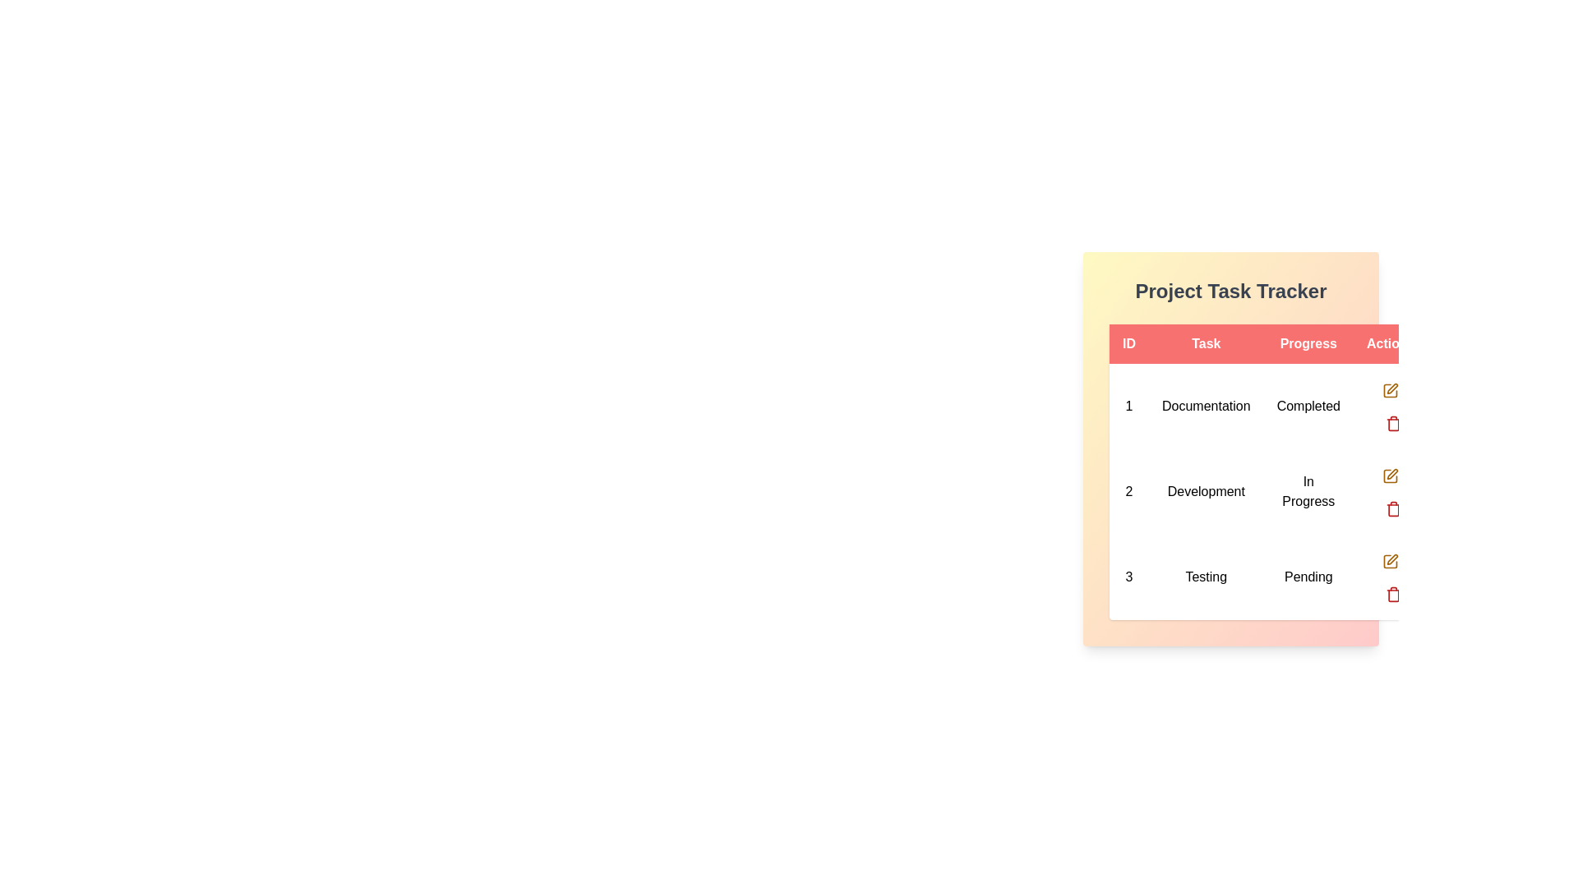 The image size is (1578, 887). Describe the element at coordinates (1390, 389) in the screenshot. I see `the edit button for the task with ID 1` at that location.